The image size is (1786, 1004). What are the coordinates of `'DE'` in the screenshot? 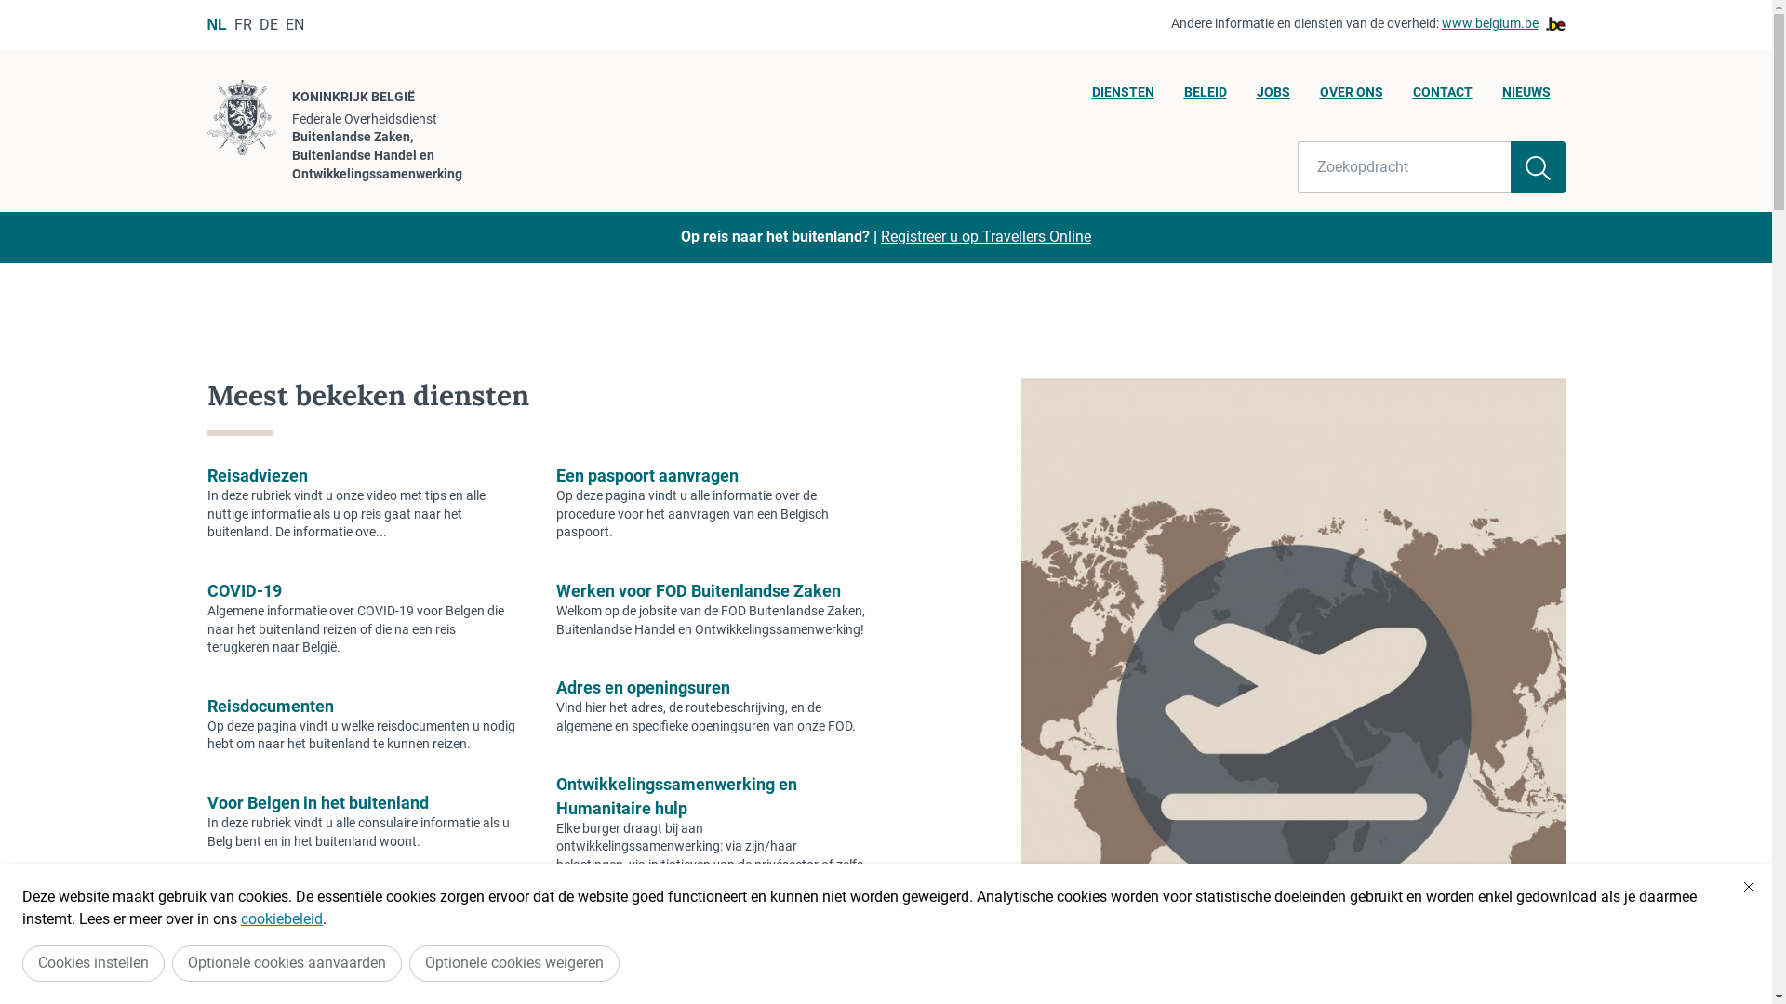 It's located at (267, 24).